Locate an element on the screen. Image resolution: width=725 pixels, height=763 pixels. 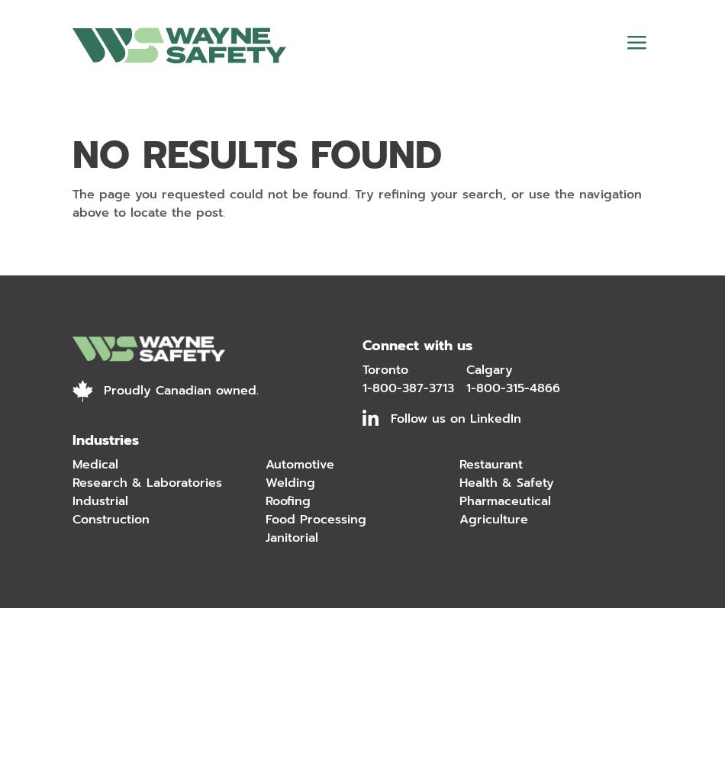
'Toronto' is located at coordinates (385, 369).